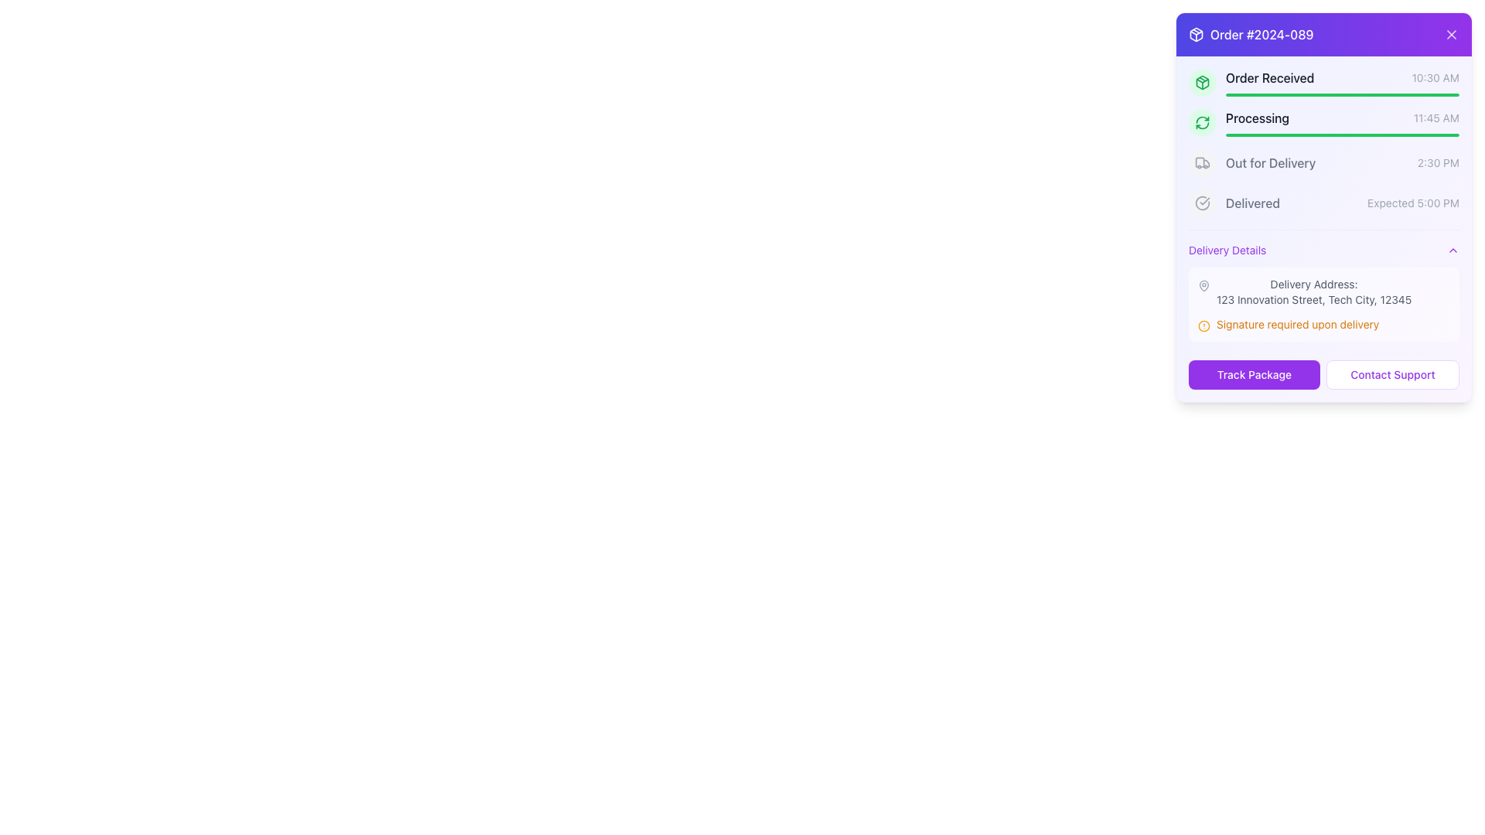  I want to click on the 3D box icon styled as a wireframe, located to the left of the 'Order Received' label in the purple header section of the card, so click(1195, 35).